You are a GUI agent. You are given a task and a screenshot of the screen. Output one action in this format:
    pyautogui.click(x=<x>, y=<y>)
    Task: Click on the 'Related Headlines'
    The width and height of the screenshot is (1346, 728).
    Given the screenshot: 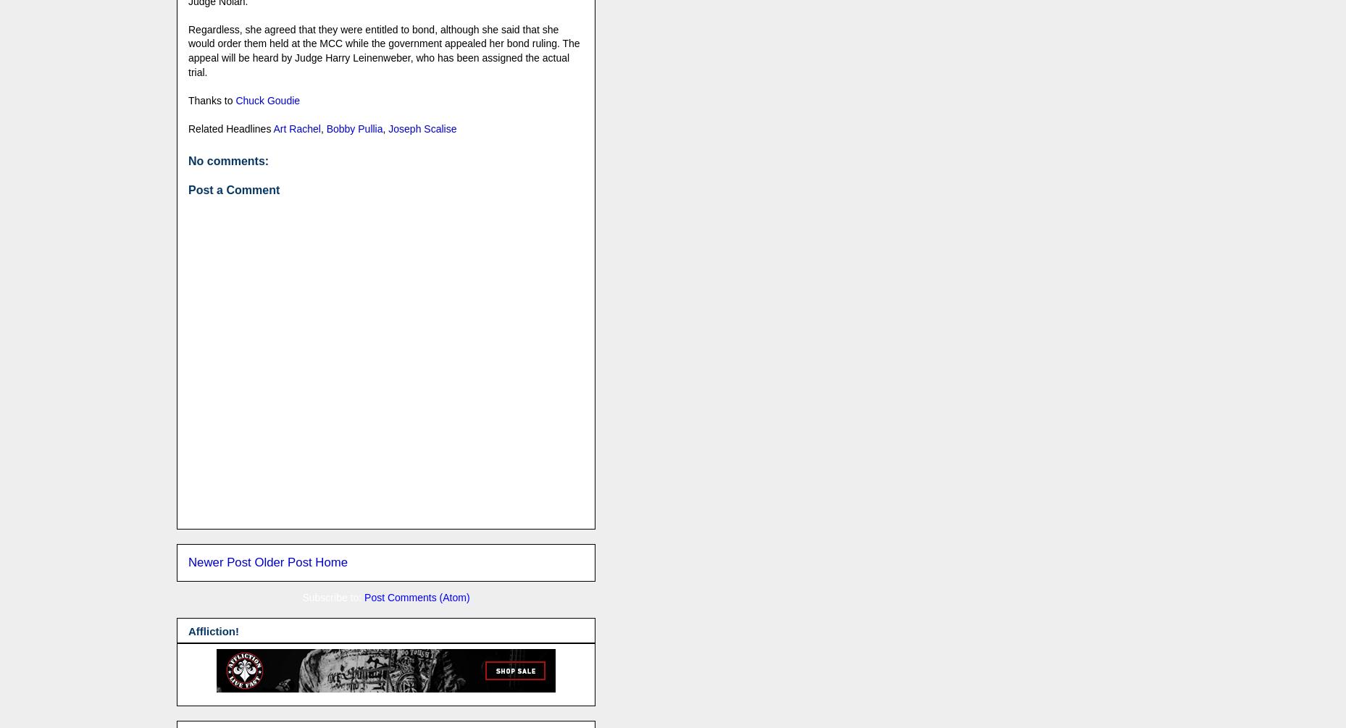 What is the action you would take?
    pyautogui.click(x=230, y=127)
    